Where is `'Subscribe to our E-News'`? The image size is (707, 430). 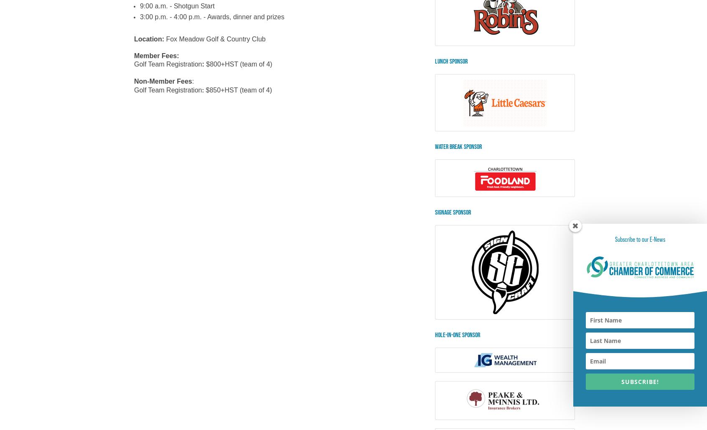 'Subscribe to our E-News' is located at coordinates (615, 239).